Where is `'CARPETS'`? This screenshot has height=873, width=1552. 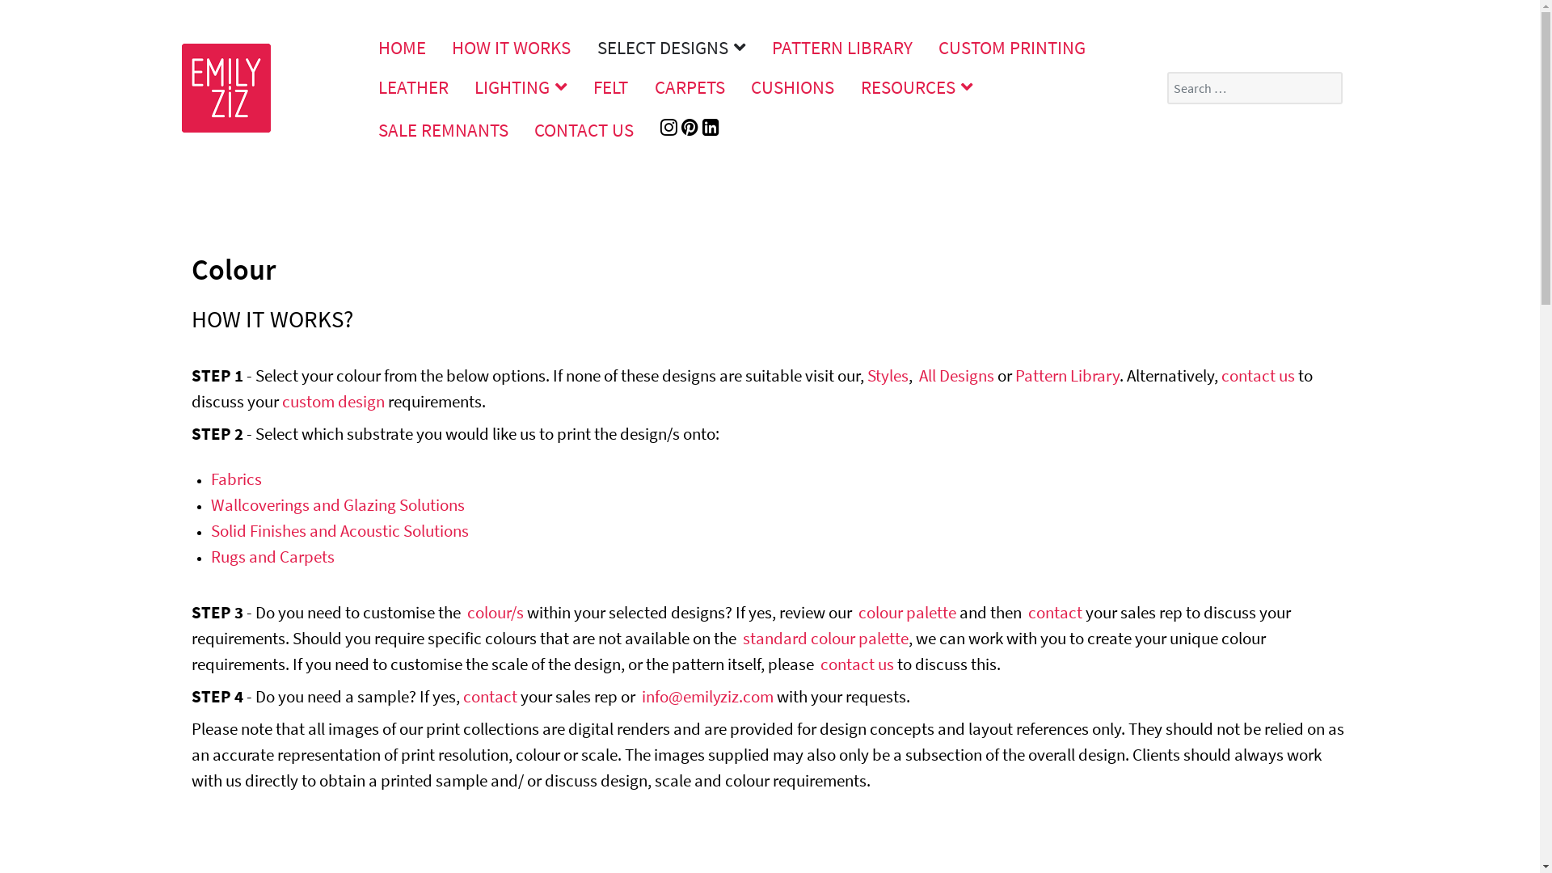
'CARPETS' is located at coordinates (690, 86).